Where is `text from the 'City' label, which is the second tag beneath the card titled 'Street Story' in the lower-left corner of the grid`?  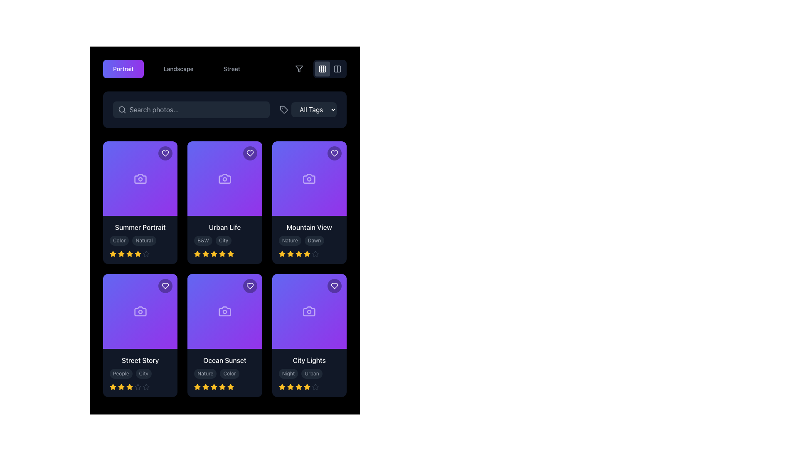
text from the 'City' label, which is the second tag beneath the card titled 'Street Story' in the lower-left corner of the grid is located at coordinates (143, 373).